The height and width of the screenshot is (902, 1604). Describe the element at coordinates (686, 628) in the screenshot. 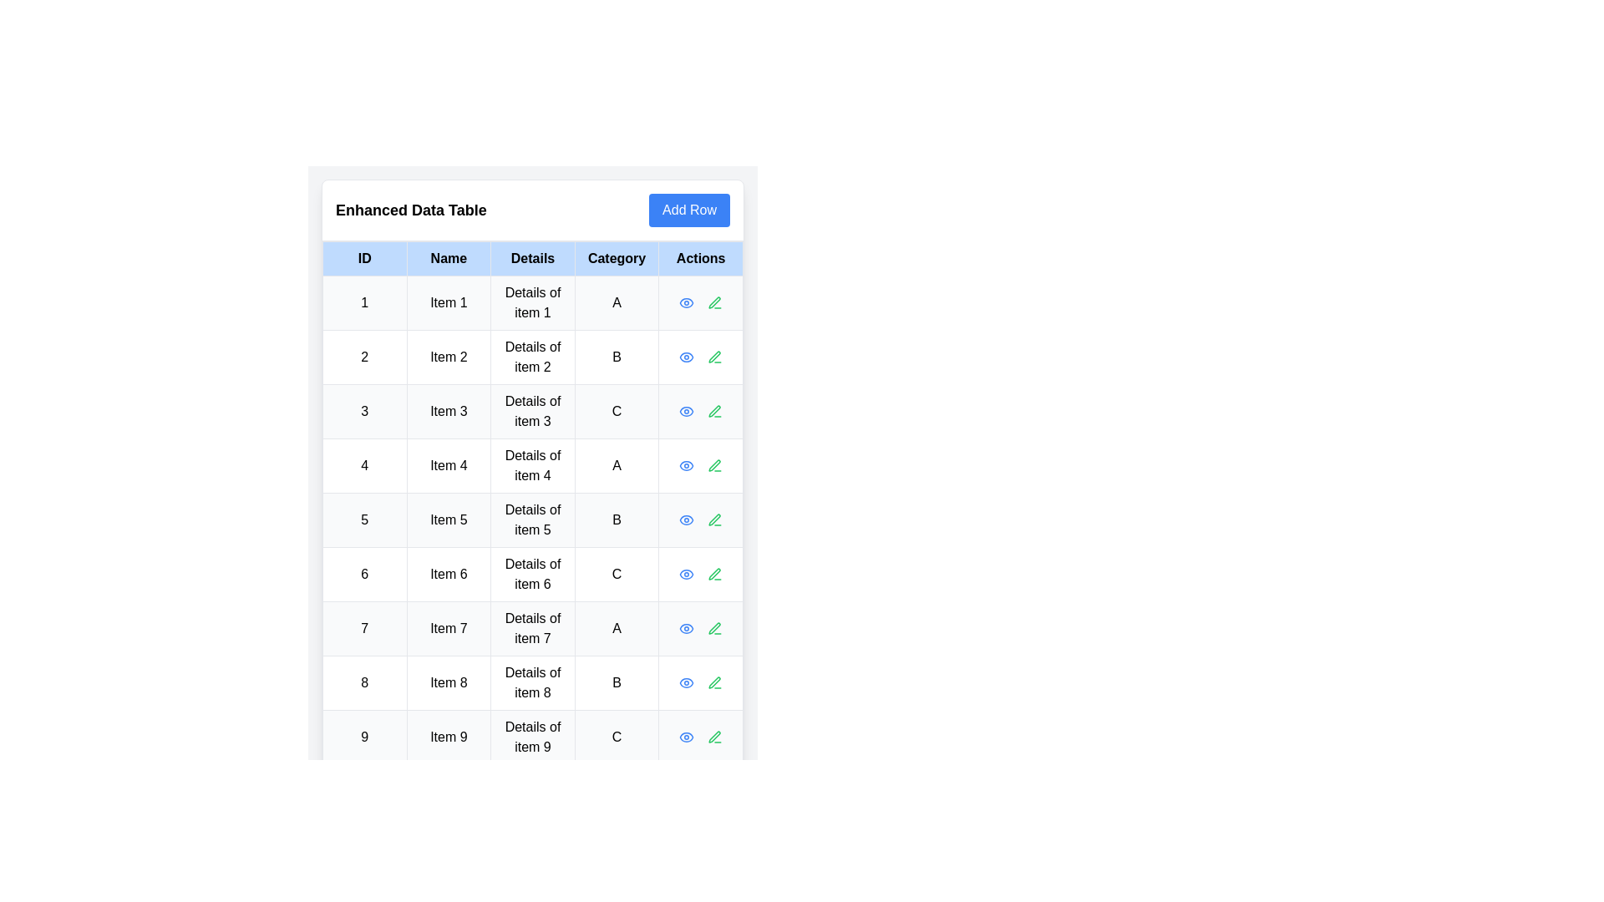

I see `the button` at that location.